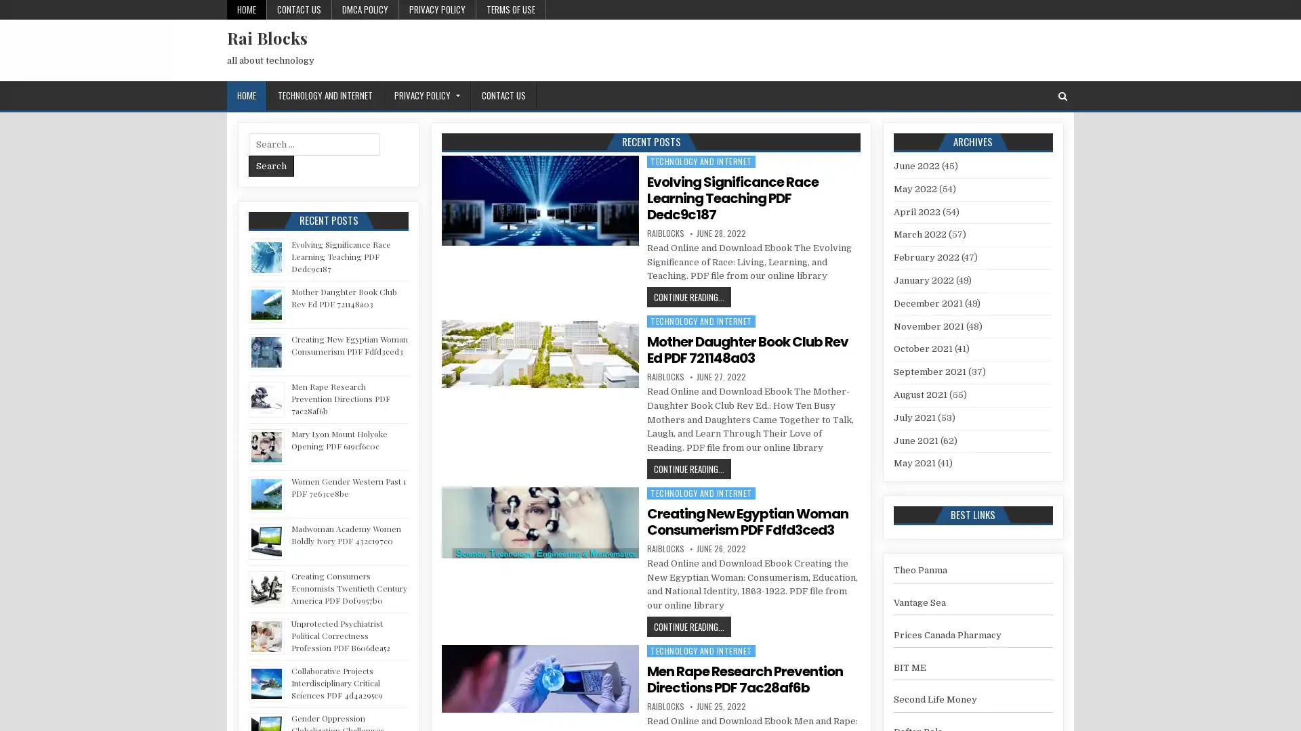  What do you see at coordinates (271, 165) in the screenshot?
I see `Search` at bounding box center [271, 165].